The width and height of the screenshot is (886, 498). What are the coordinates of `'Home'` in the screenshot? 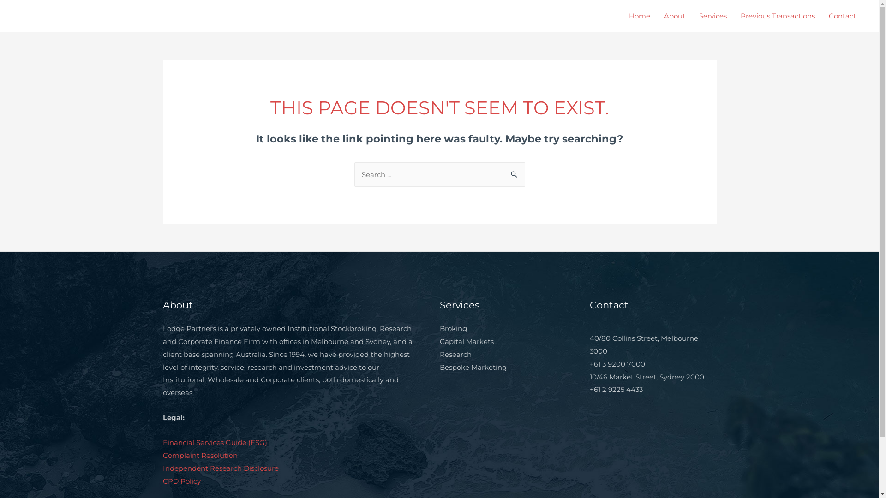 It's located at (639, 16).